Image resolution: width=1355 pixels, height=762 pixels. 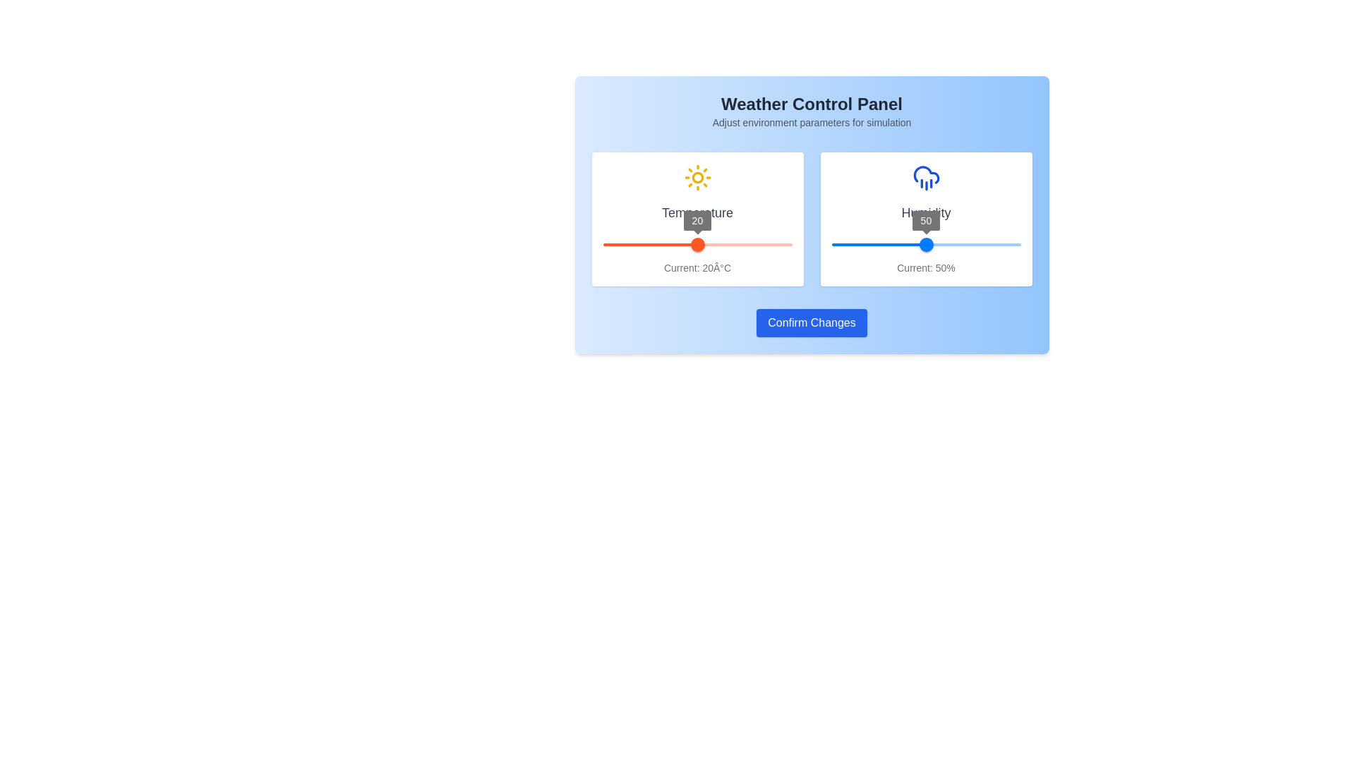 I want to click on the temperature slider, so click(x=603, y=244).